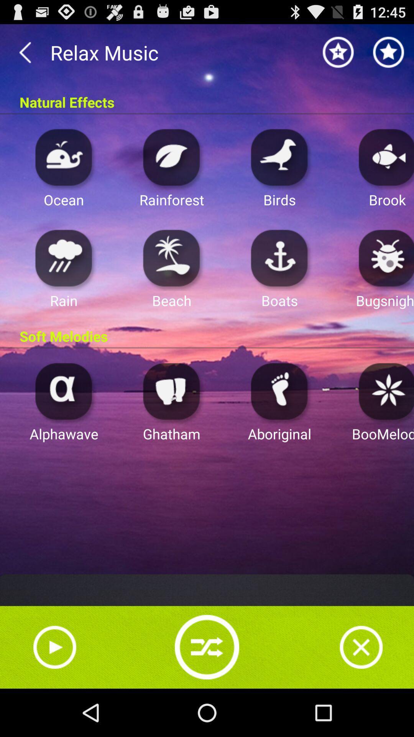 The width and height of the screenshot is (414, 737). I want to click on the icon below the boomelody item, so click(361, 647).